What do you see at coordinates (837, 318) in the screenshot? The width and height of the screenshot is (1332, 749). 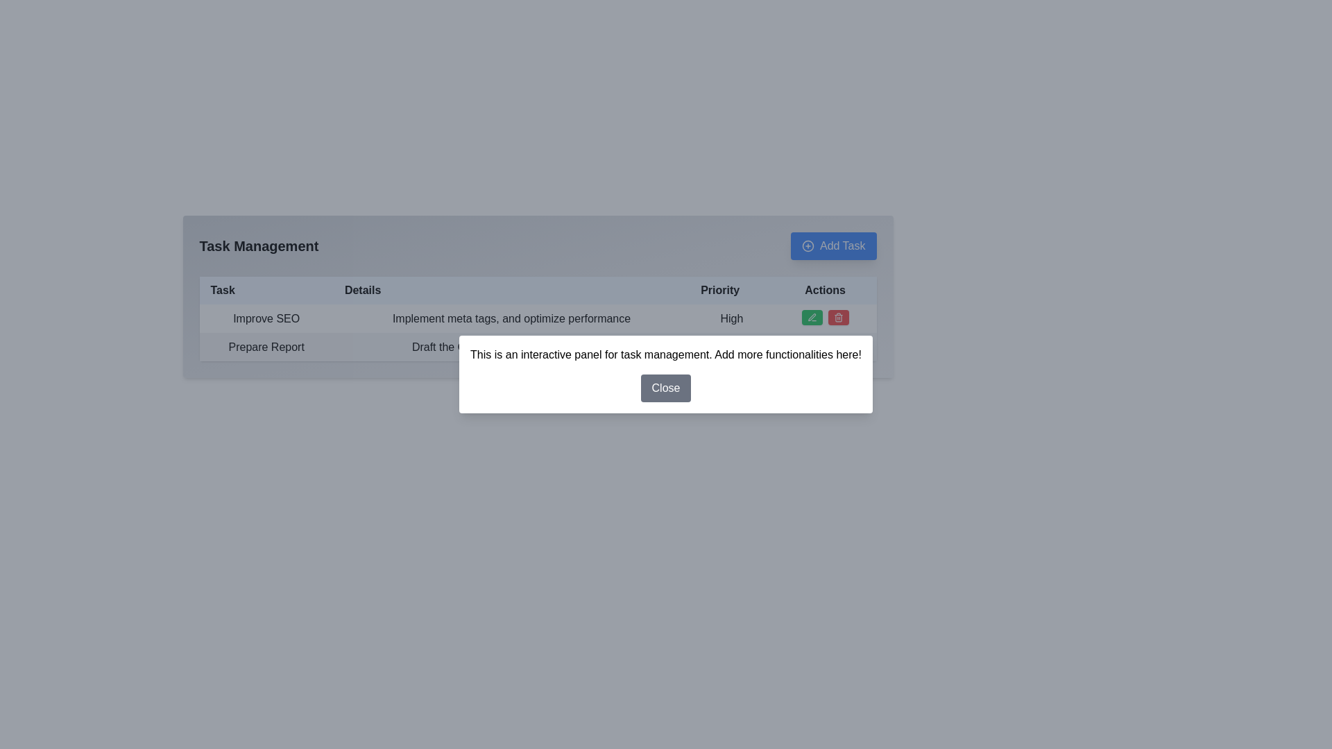 I see `the trash bin icon button in the 'Actions' column under 'Task Management'` at bounding box center [837, 318].